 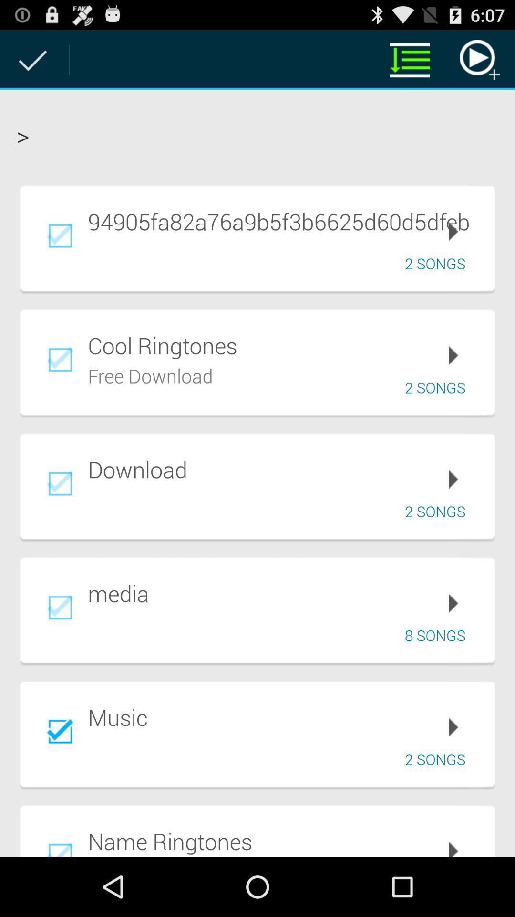 I want to click on the >, so click(x=257, y=134).